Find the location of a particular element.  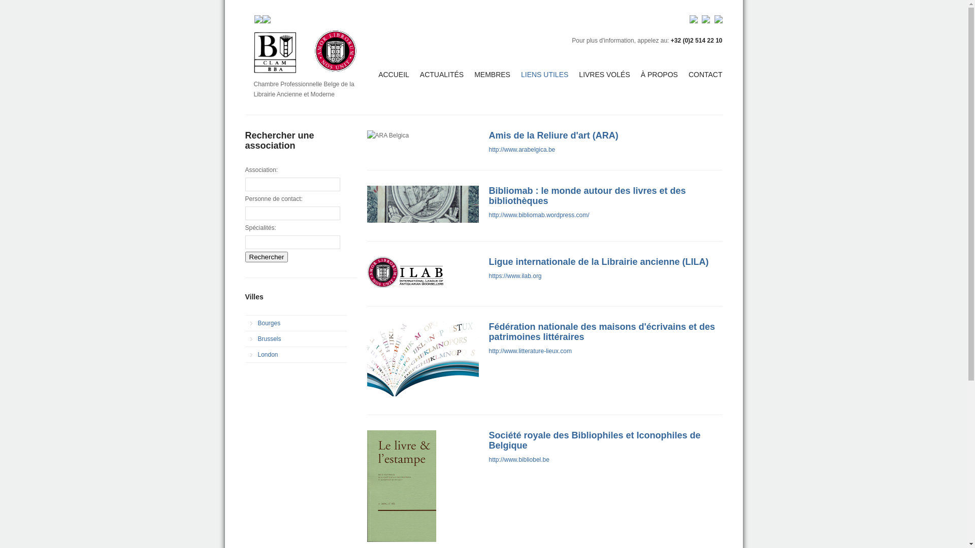

'Amis de la Reliure d'art (ARA)' is located at coordinates (552, 134).